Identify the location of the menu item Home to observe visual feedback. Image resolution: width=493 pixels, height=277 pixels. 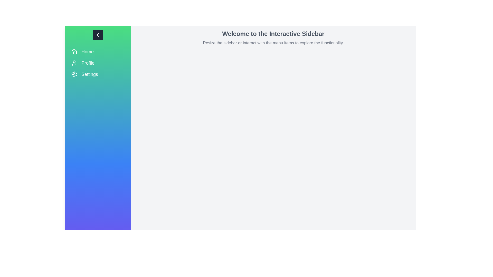
(98, 52).